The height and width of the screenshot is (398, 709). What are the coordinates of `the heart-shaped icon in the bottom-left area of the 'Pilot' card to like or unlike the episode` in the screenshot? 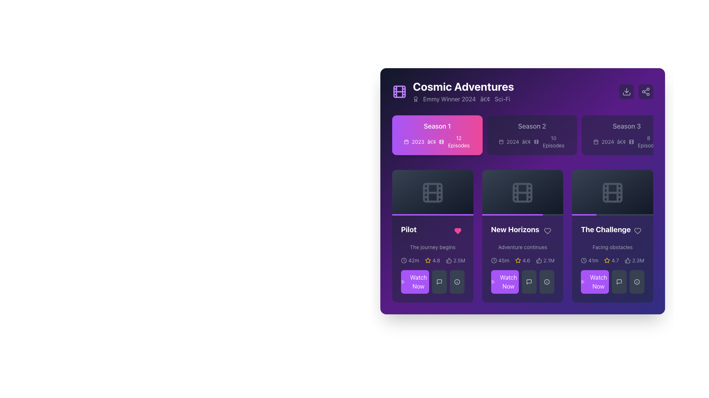 It's located at (457, 230).